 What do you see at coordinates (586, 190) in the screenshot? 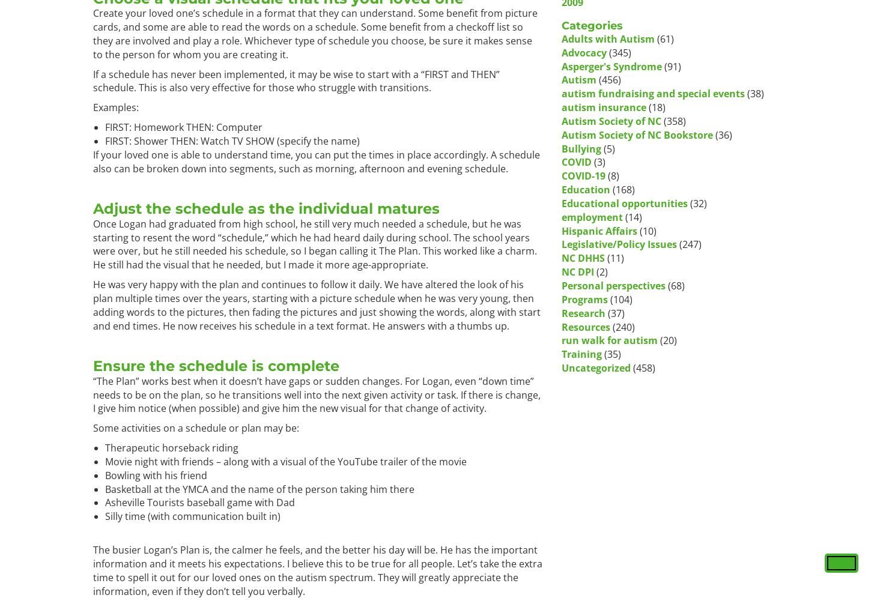
I see `'Education'` at bounding box center [586, 190].